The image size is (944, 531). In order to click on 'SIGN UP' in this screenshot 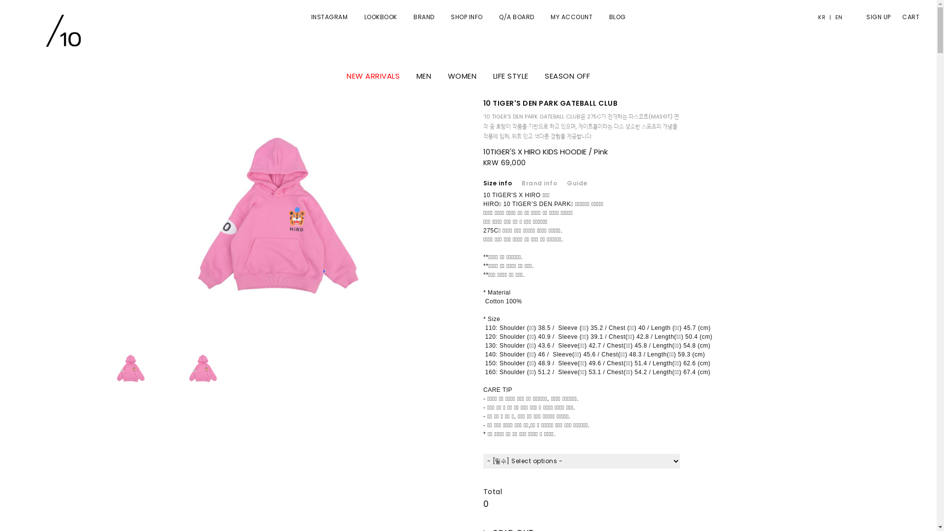, I will do `click(856, 17)`.